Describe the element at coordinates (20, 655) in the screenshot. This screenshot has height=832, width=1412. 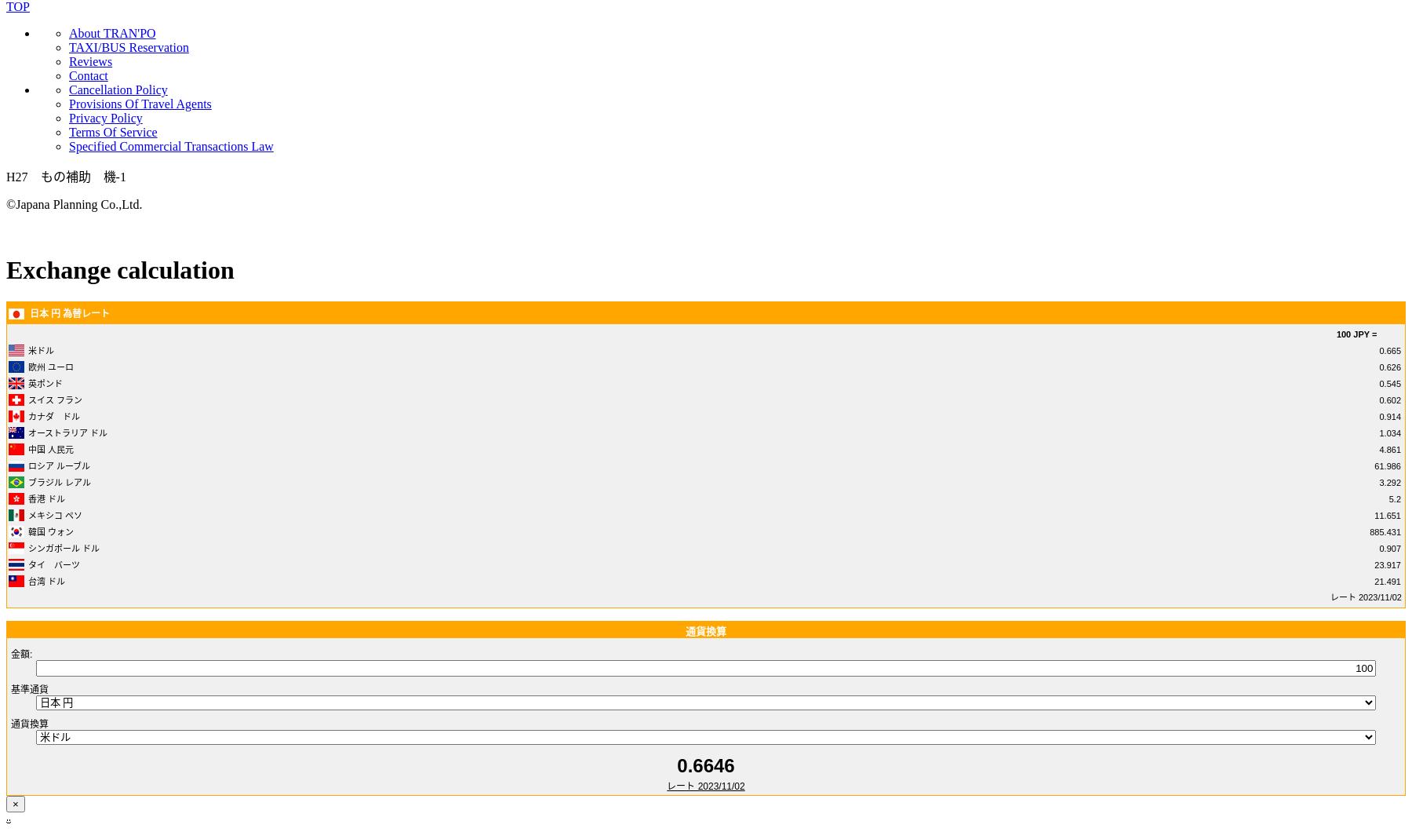
I see `'金額:'` at that location.